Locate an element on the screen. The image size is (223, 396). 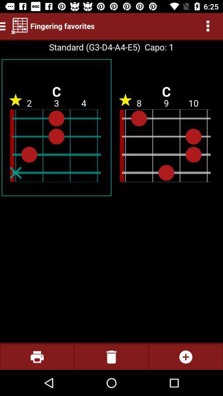
item next to standard g3 d4 icon is located at coordinates (157, 47).